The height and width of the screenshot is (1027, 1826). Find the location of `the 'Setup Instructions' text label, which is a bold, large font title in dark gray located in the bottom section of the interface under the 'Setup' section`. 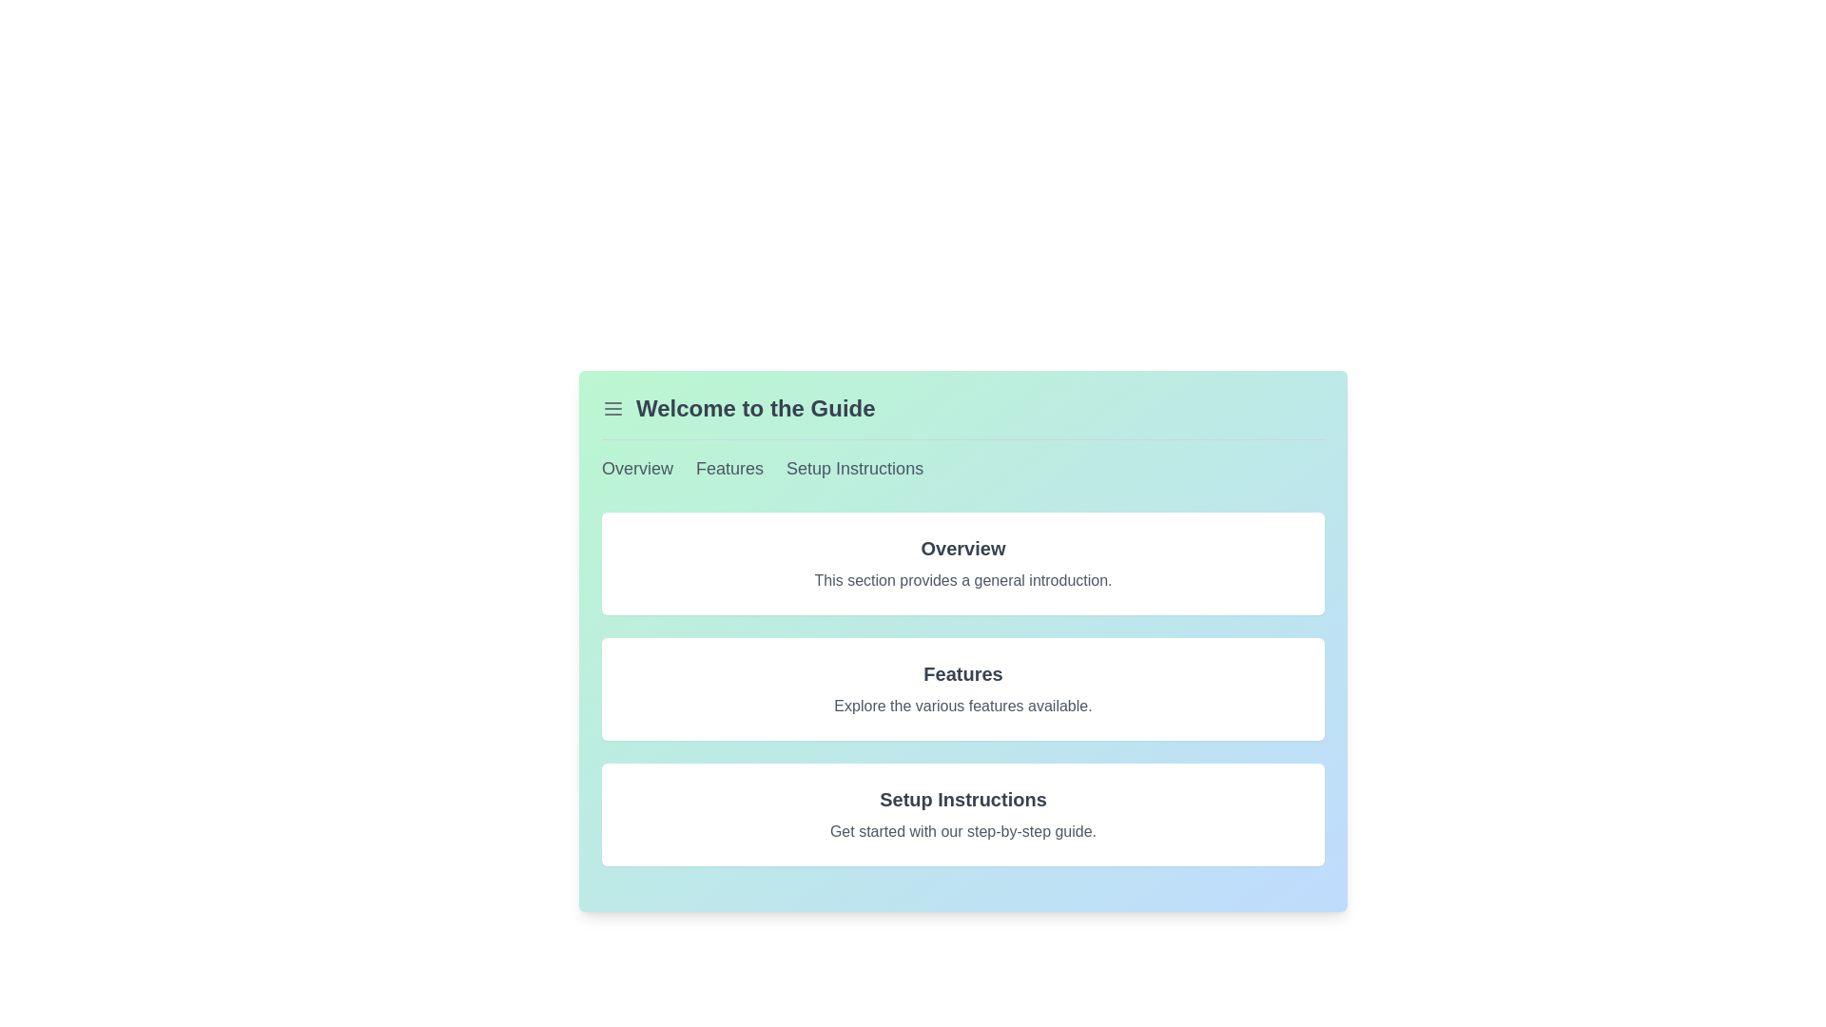

the 'Setup Instructions' text label, which is a bold, large font title in dark gray located in the bottom section of the interface under the 'Setup' section is located at coordinates (962, 799).